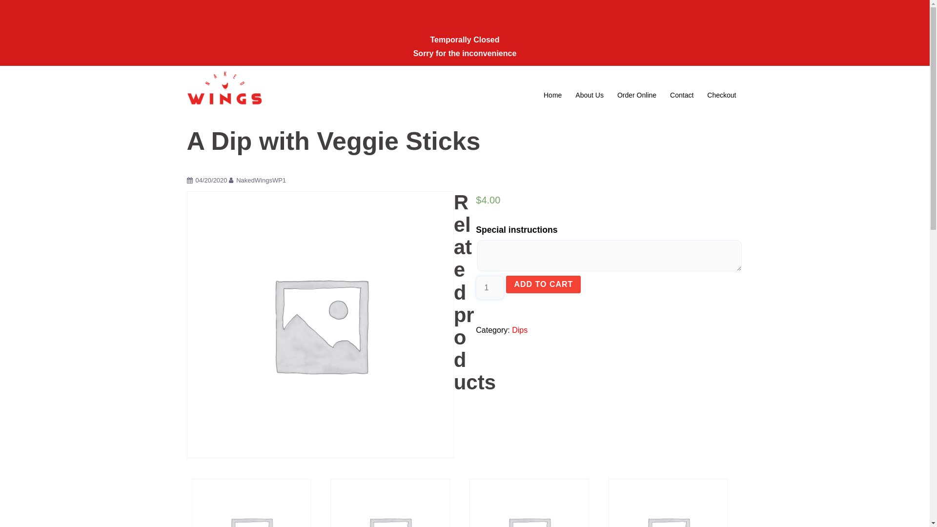 This screenshot has height=527, width=937. I want to click on '04/20/2020', so click(195, 180).